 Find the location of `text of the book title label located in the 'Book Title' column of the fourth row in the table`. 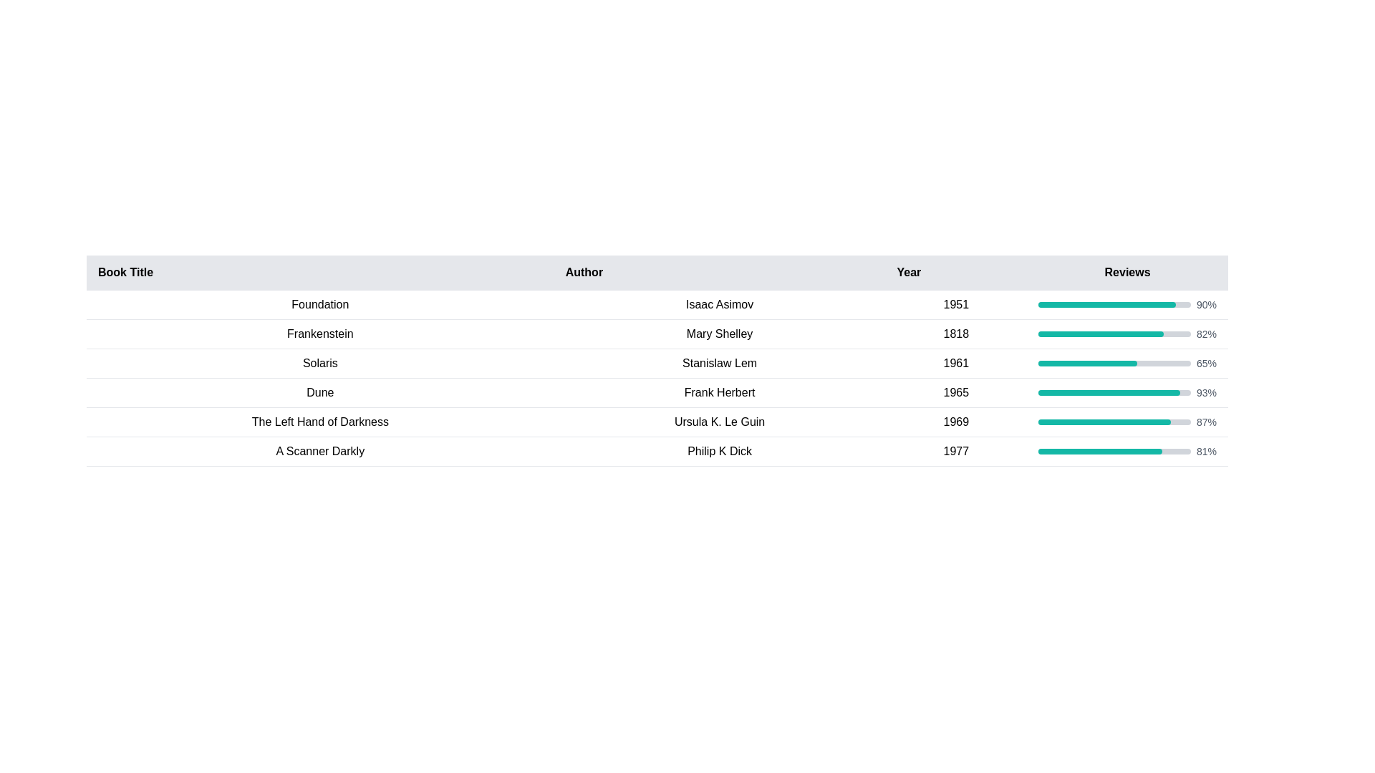

text of the book title label located in the 'Book Title' column of the fourth row in the table is located at coordinates (319, 392).